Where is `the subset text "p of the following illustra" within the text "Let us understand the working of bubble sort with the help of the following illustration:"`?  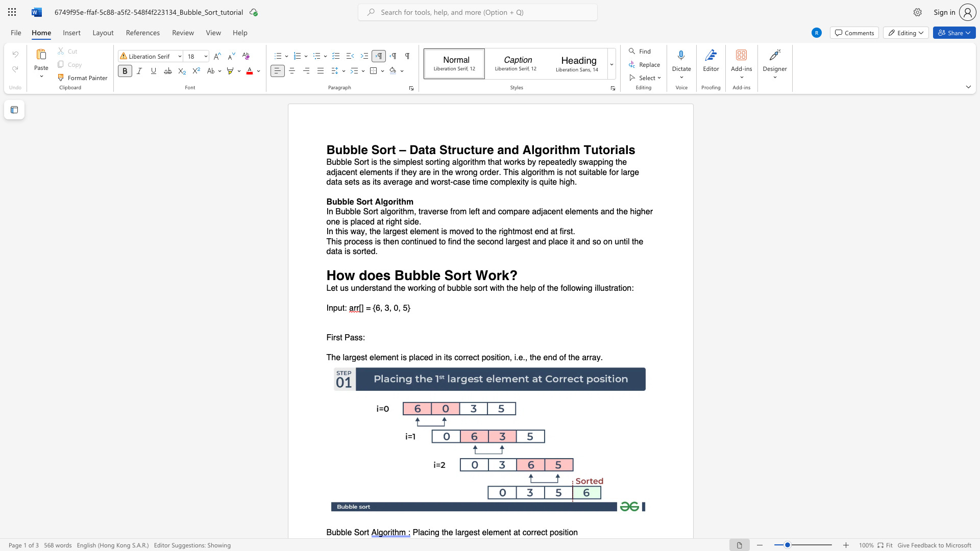 the subset text "p of the following illustra" within the text "Let us understand the working of bubble sort with the help of the following illustration:" is located at coordinates (531, 288).